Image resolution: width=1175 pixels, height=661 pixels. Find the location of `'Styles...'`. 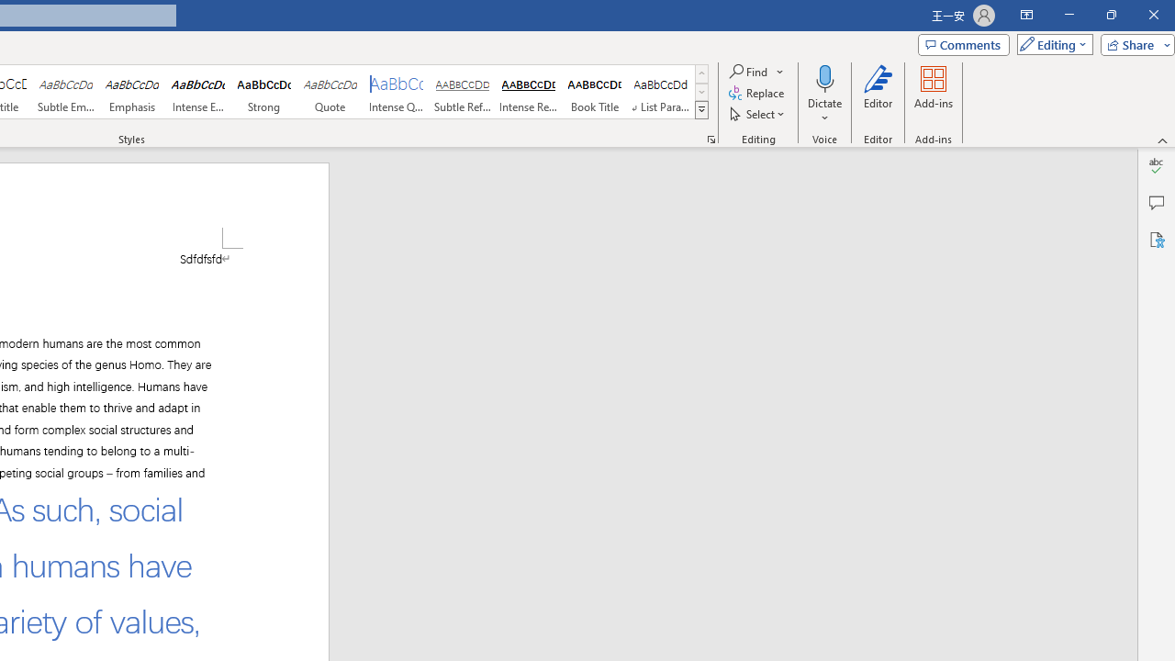

'Styles...' is located at coordinates (711, 138).